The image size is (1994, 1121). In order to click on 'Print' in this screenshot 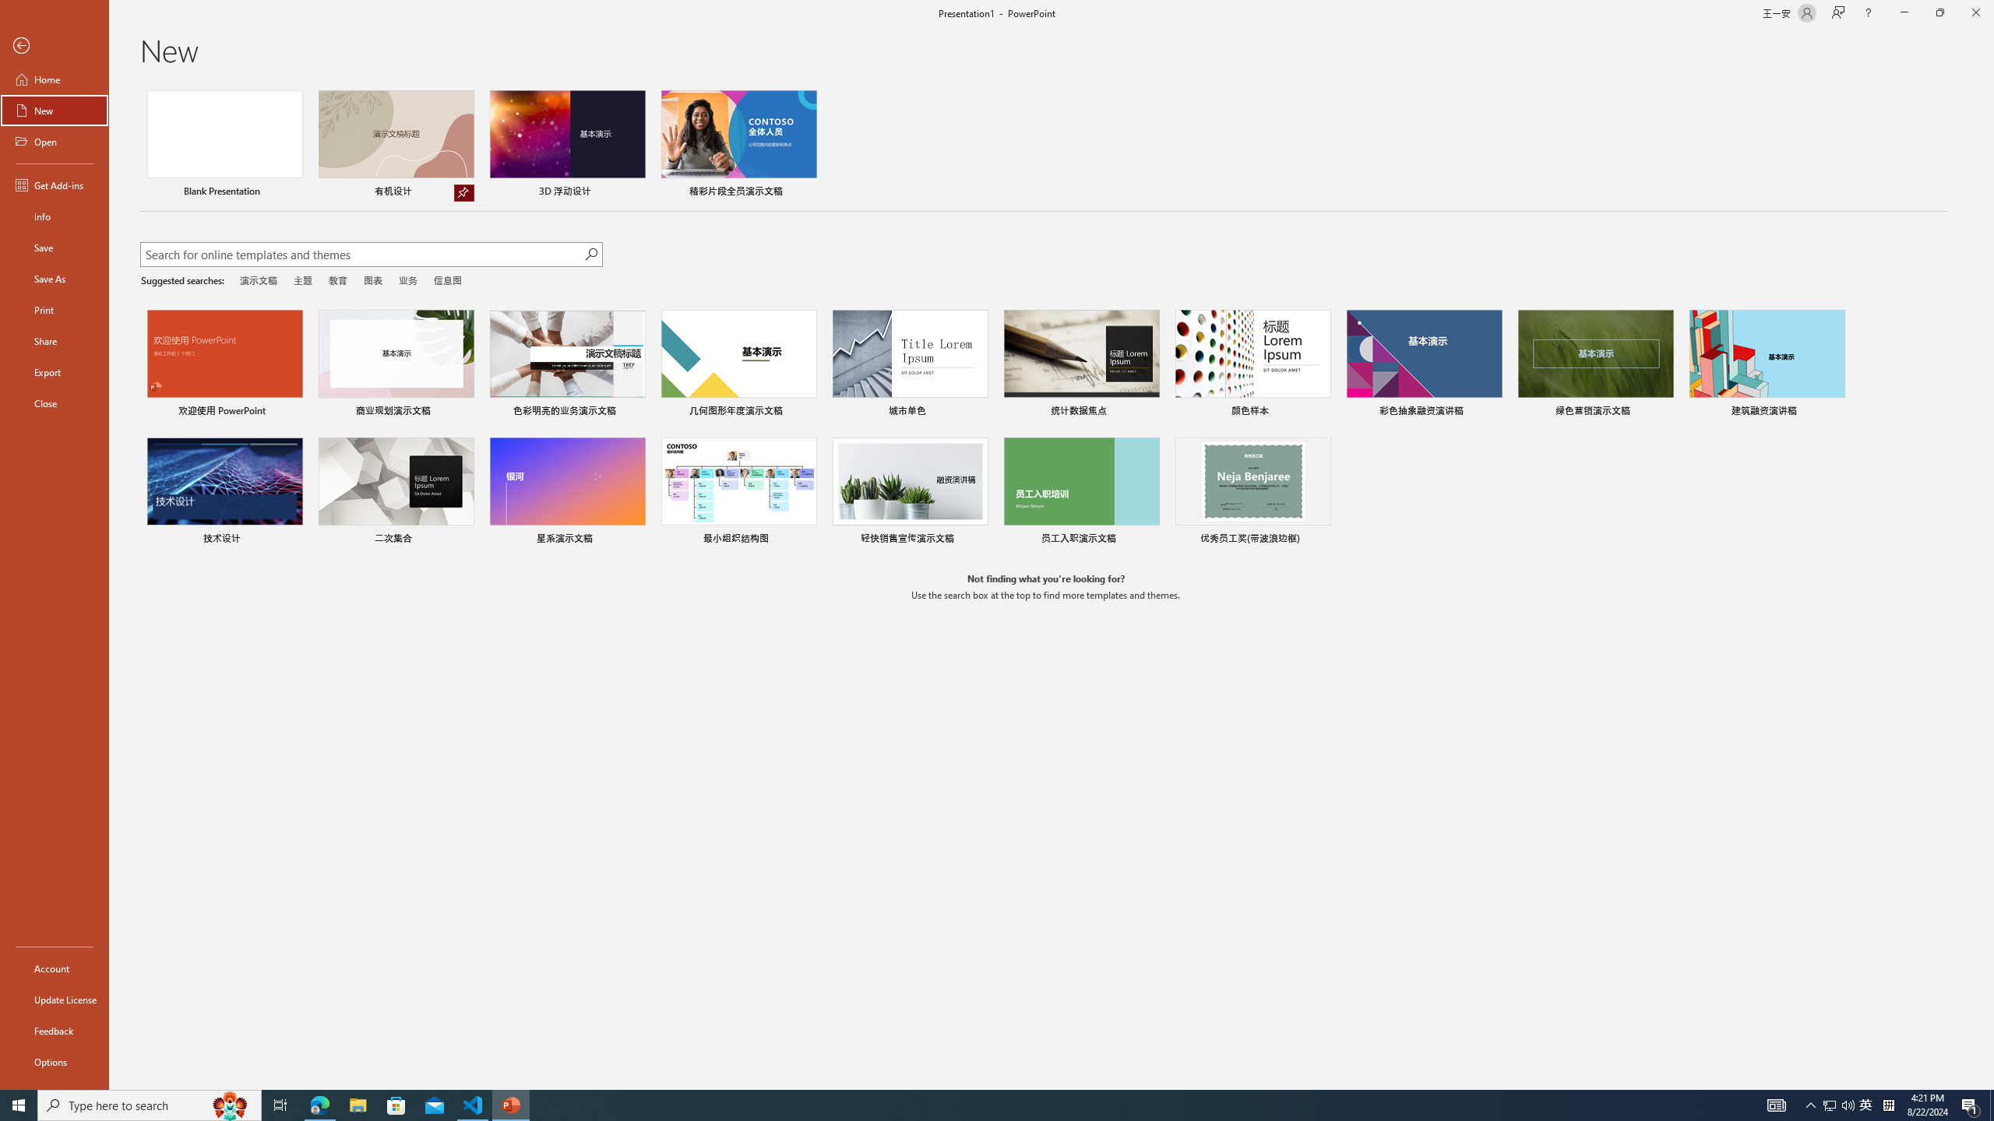, I will do `click(54, 309)`.